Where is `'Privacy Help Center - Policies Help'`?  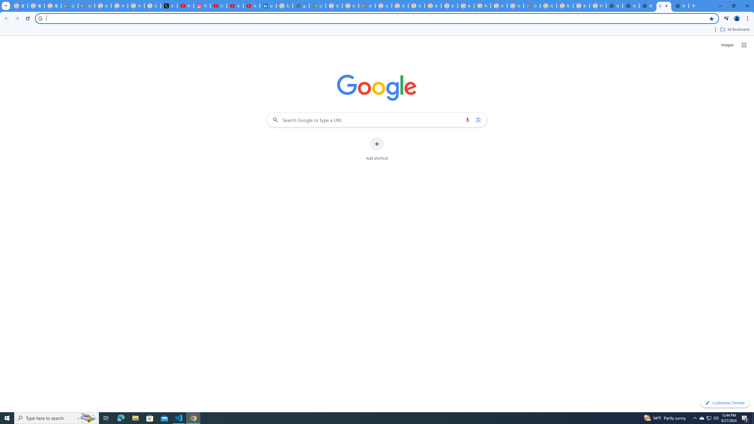 'Privacy Help Center - Policies Help' is located at coordinates (136, 6).